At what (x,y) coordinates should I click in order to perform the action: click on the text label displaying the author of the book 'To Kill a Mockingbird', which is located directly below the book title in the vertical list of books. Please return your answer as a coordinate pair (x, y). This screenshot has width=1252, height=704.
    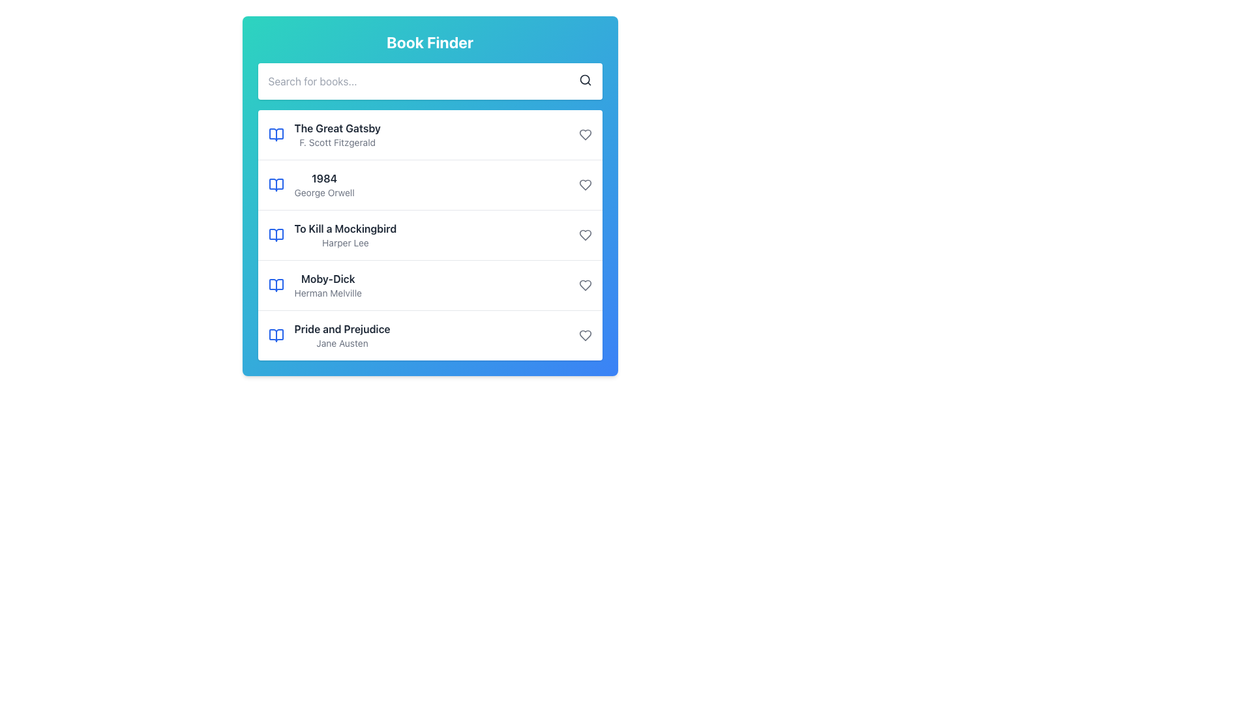
    Looking at the image, I should click on (345, 243).